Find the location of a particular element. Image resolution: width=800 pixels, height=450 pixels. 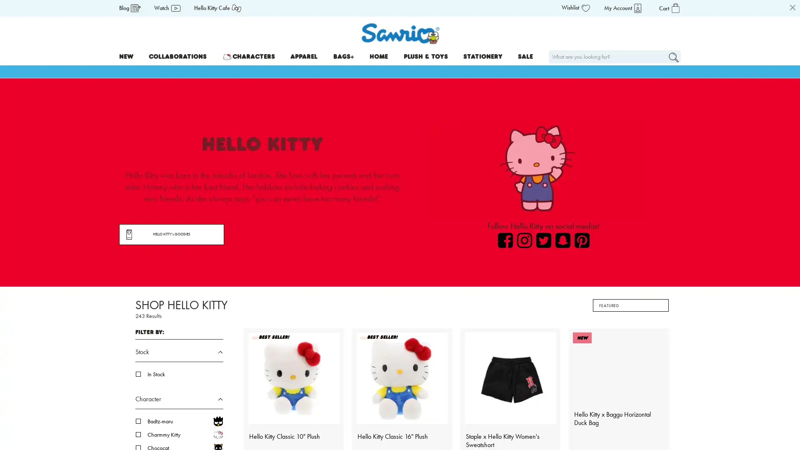

Badtz-maru is located at coordinates (185, 421).